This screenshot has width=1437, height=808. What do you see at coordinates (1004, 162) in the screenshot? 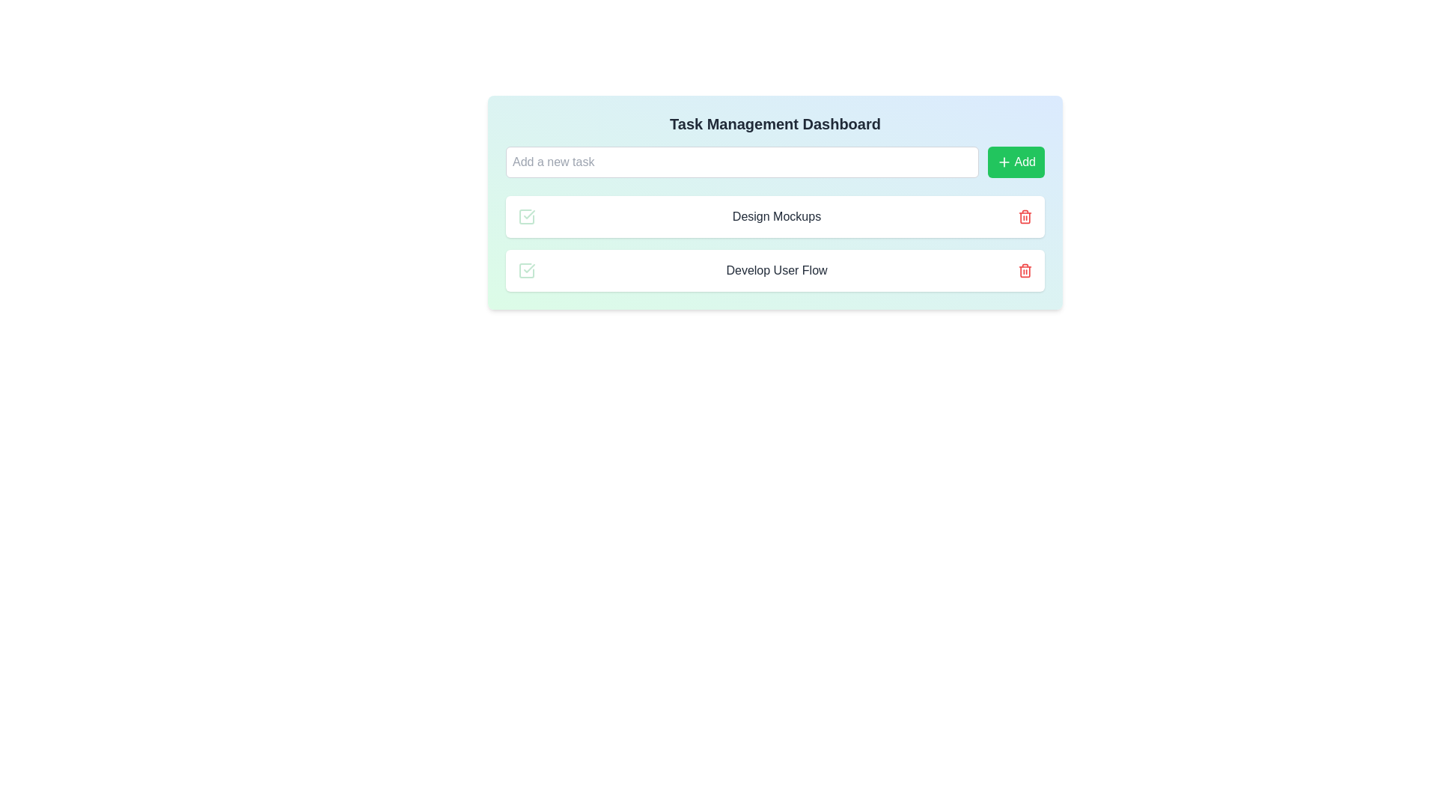
I see `the 'Add' button icon that visually indicates the action of adding a new task, located at the top of the task management dashboard` at bounding box center [1004, 162].